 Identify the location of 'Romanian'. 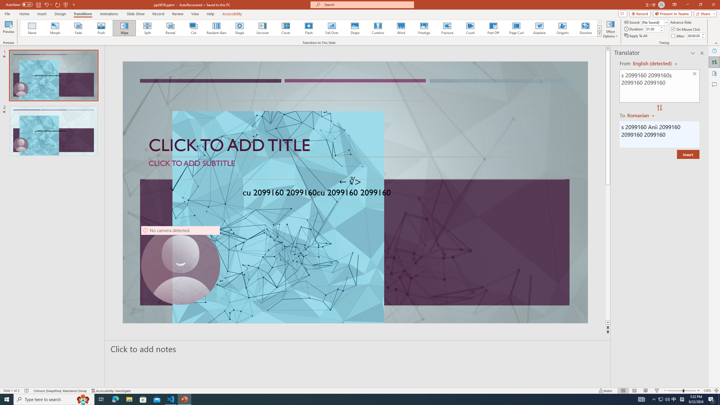
(641, 115).